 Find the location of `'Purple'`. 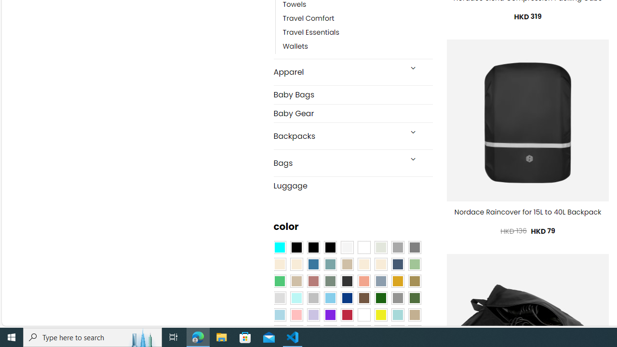

'Purple' is located at coordinates (330, 315).